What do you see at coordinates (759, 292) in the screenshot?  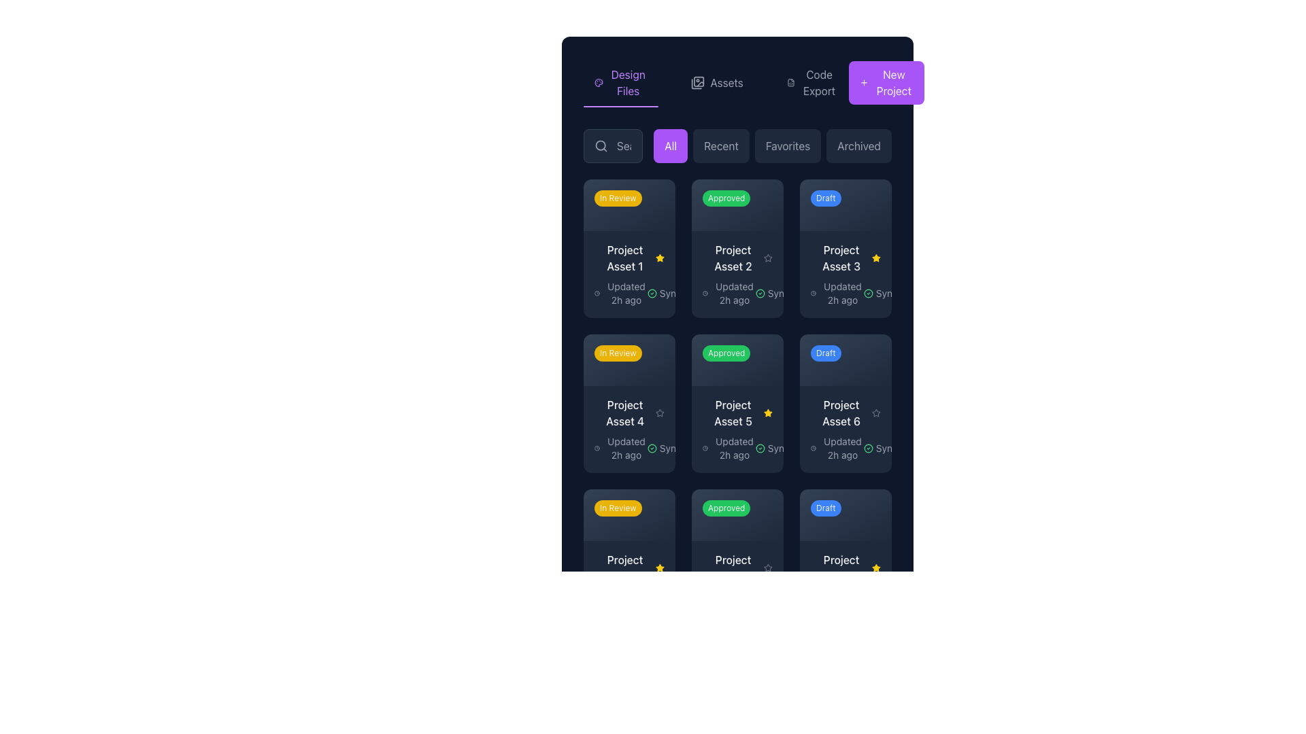 I see `the green circular graphical element representing confirmation within the 'Approved' section of the 'Project Asset 2' card, located in the first row, second column of the grid layout` at bounding box center [759, 292].